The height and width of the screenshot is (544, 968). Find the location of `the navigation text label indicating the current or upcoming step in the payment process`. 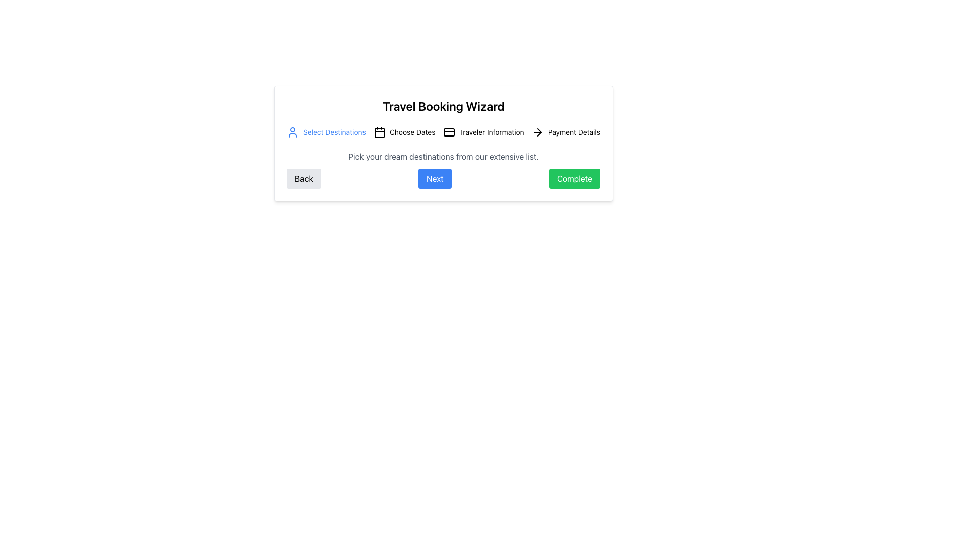

the navigation text label indicating the current or upcoming step in the payment process is located at coordinates (573, 131).